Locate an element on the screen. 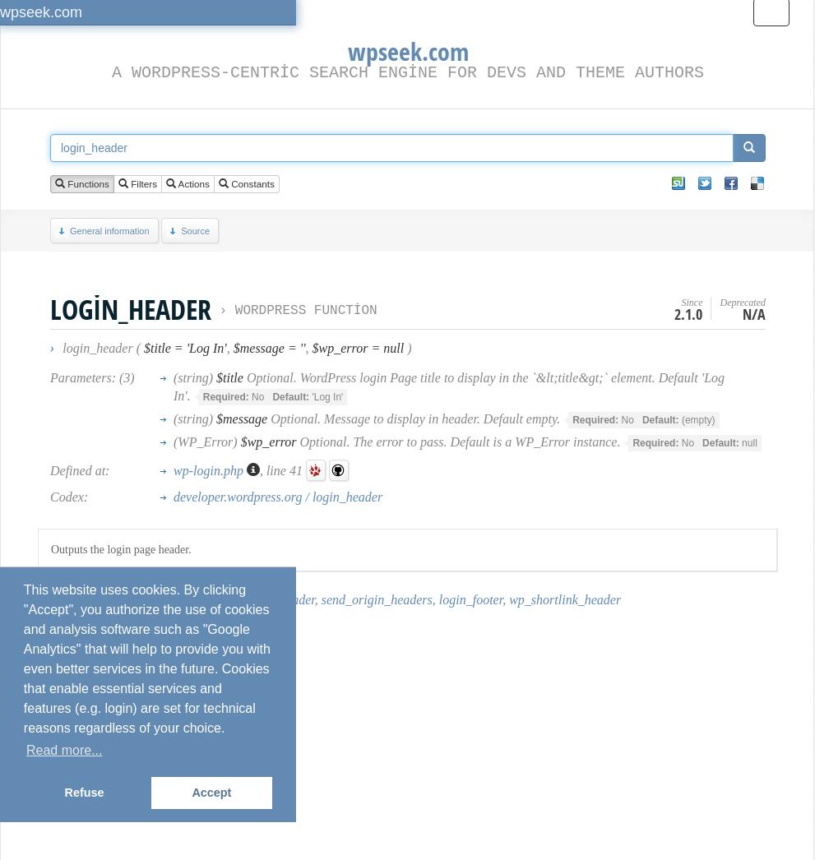 The height and width of the screenshot is (860, 815). 'Source' is located at coordinates (195, 230).